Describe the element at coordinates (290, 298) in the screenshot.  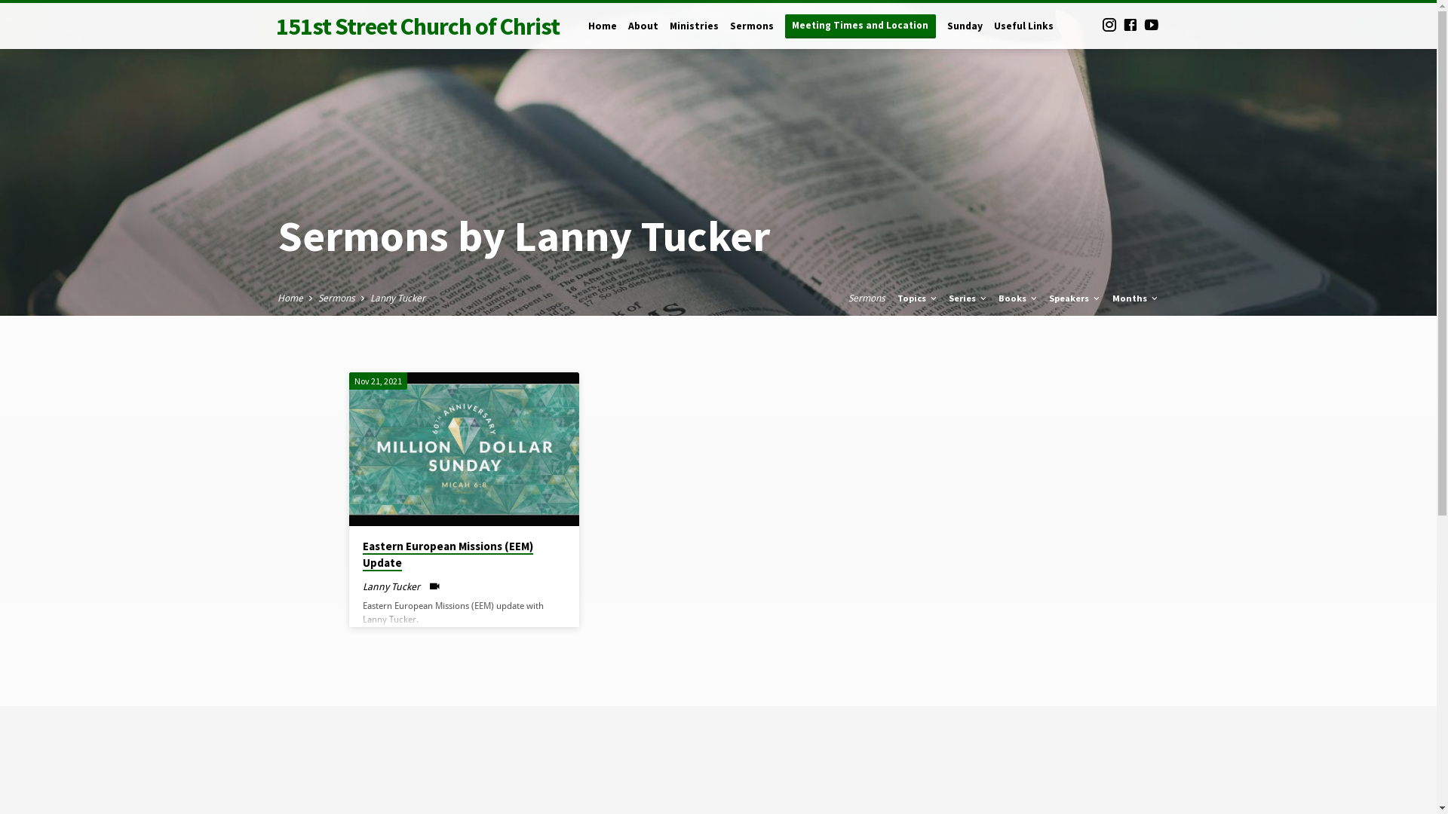
I see `'Home'` at that location.